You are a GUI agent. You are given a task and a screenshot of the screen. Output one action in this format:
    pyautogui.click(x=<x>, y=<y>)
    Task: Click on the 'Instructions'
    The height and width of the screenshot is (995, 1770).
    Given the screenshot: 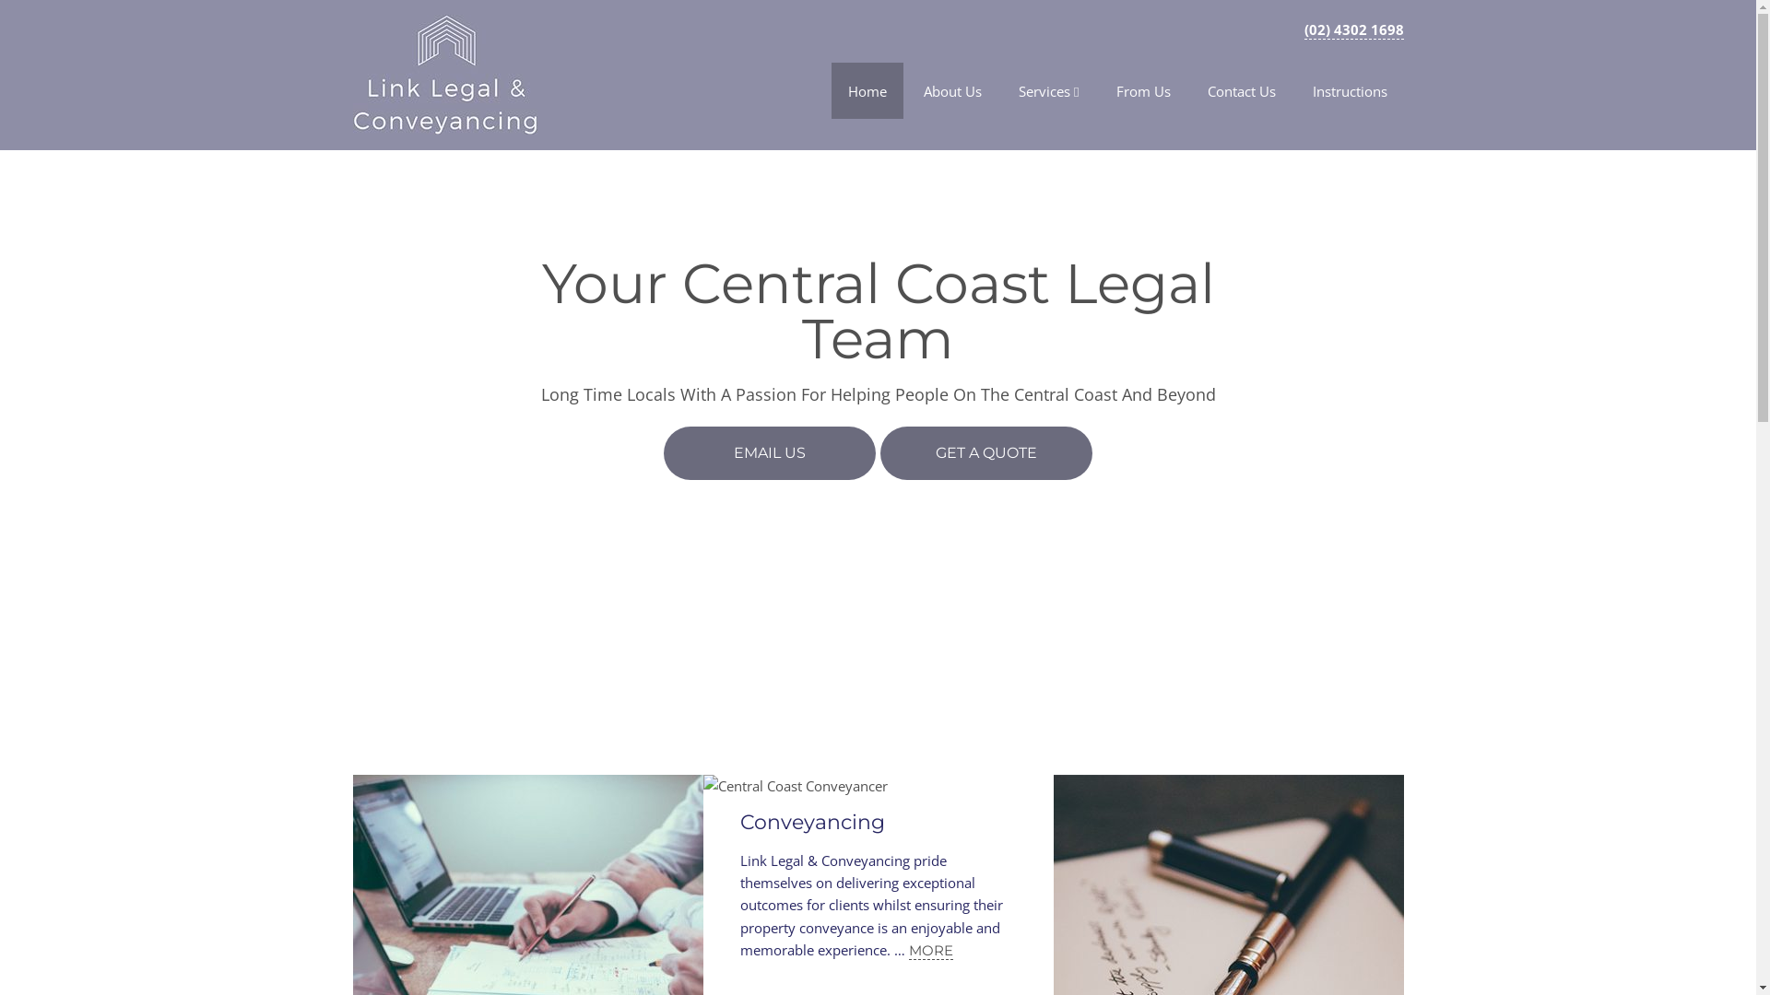 What is the action you would take?
    pyautogui.click(x=1350, y=90)
    